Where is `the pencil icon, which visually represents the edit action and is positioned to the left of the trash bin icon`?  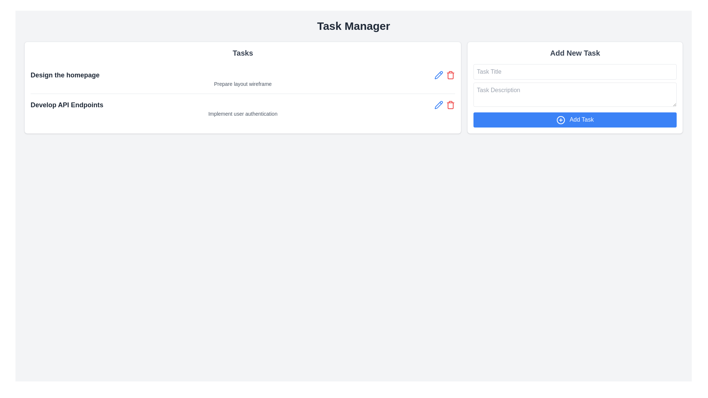 the pencil icon, which visually represents the edit action and is positioned to the left of the trash bin icon is located at coordinates (439, 105).